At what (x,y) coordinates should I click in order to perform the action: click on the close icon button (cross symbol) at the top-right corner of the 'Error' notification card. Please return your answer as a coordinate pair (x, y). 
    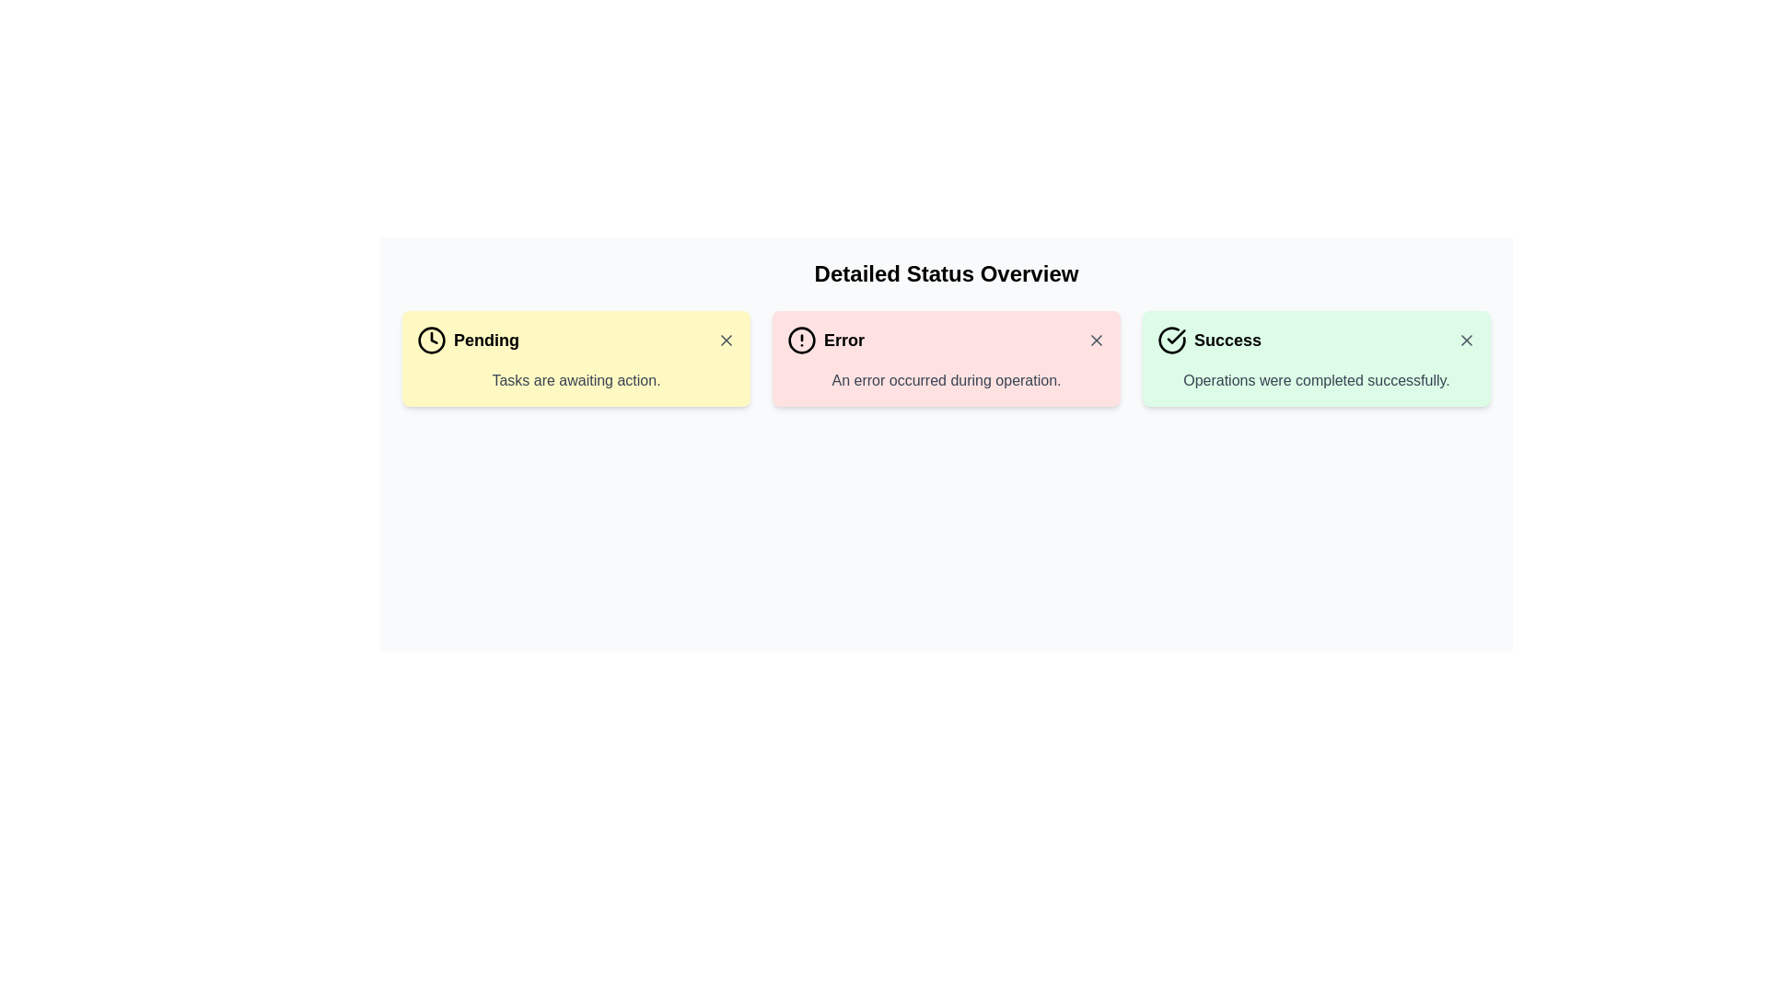
    Looking at the image, I should click on (1096, 341).